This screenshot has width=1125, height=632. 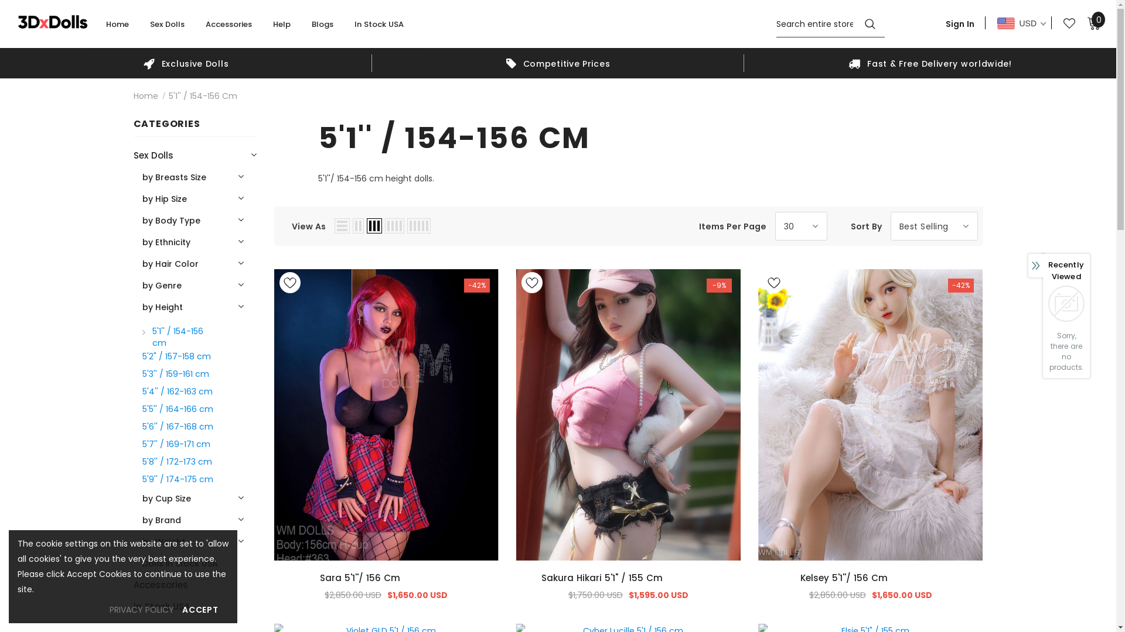 I want to click on 'by Genre', so click(x=141, y=285).